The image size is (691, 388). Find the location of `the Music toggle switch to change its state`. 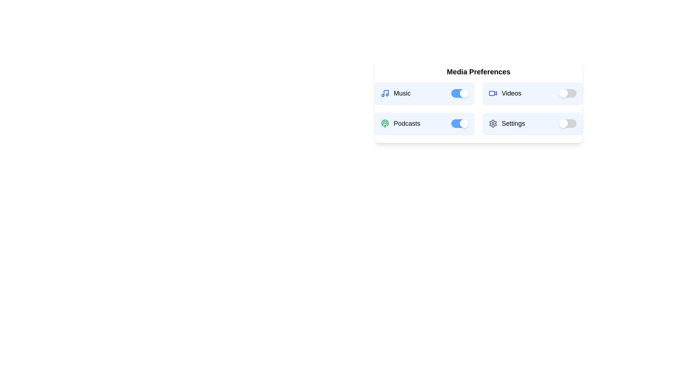

the Music toggle switch to change its state is located at coordinates (459, 93).